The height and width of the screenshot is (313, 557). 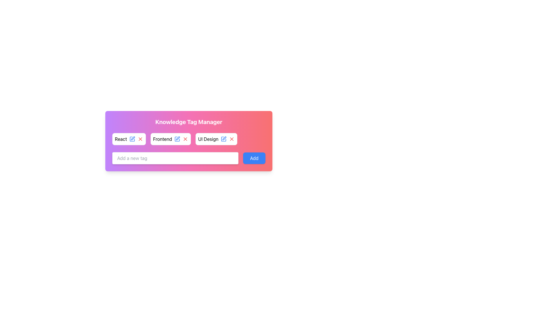 What do you see at coordinates (177, 139) in the screenshot?
I see `the small blue edit icon button next to the 'Frontend' text` at bounding box center [177, 139].